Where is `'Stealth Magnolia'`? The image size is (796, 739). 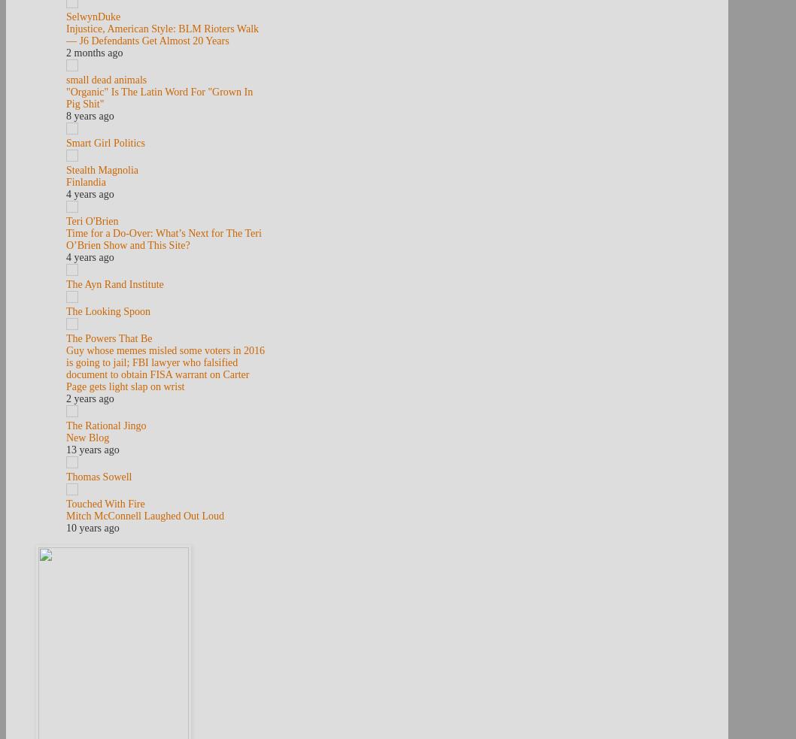
'Stealth Magnolia' is located at coordinates (101, 170).